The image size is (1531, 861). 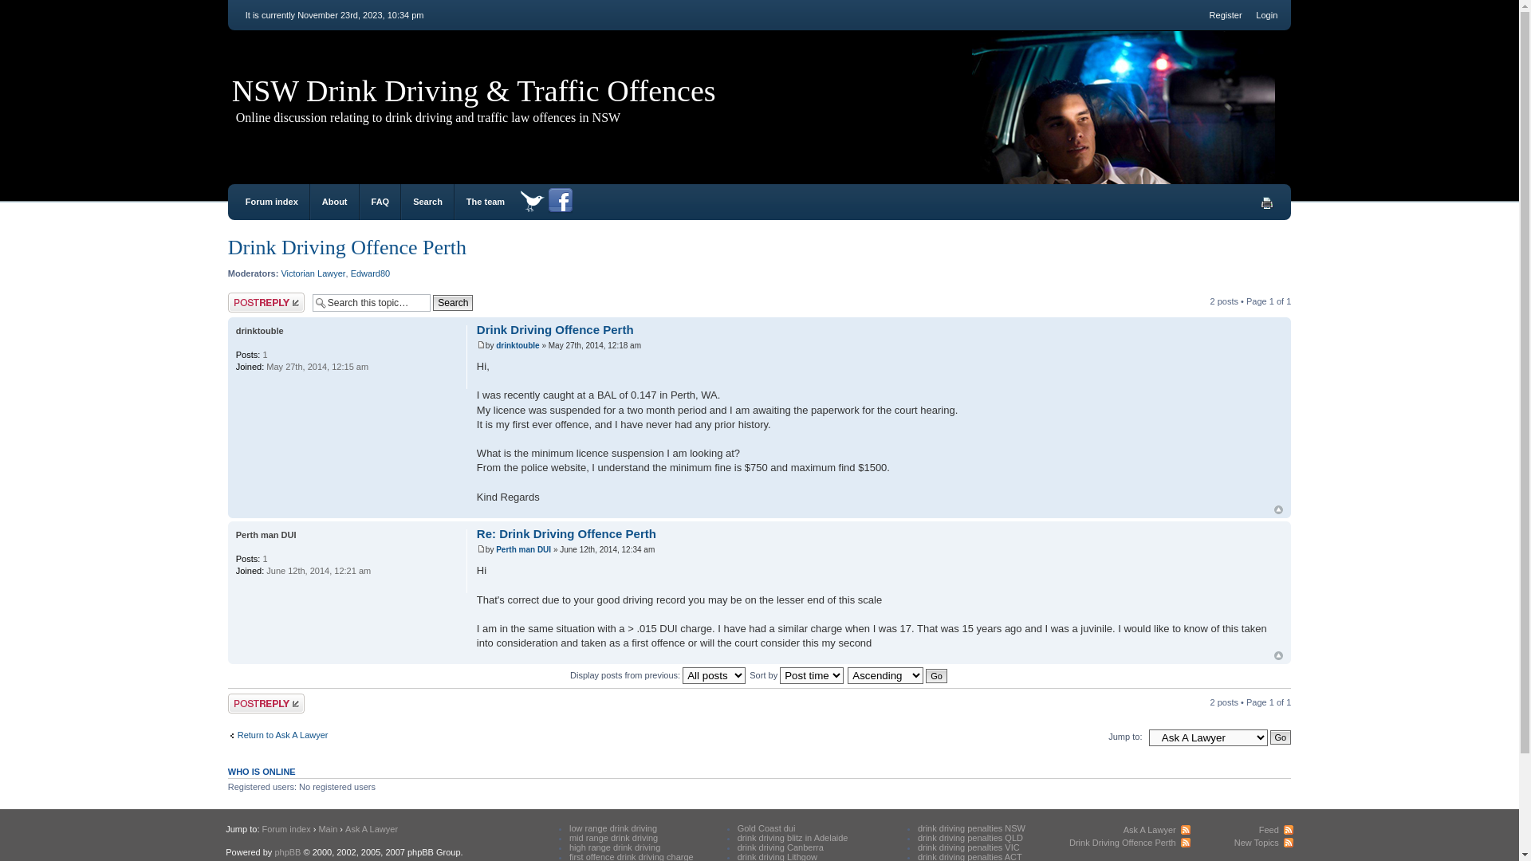 I want to click on 'drink driving penalties VIC', so click(x=967, y=847).